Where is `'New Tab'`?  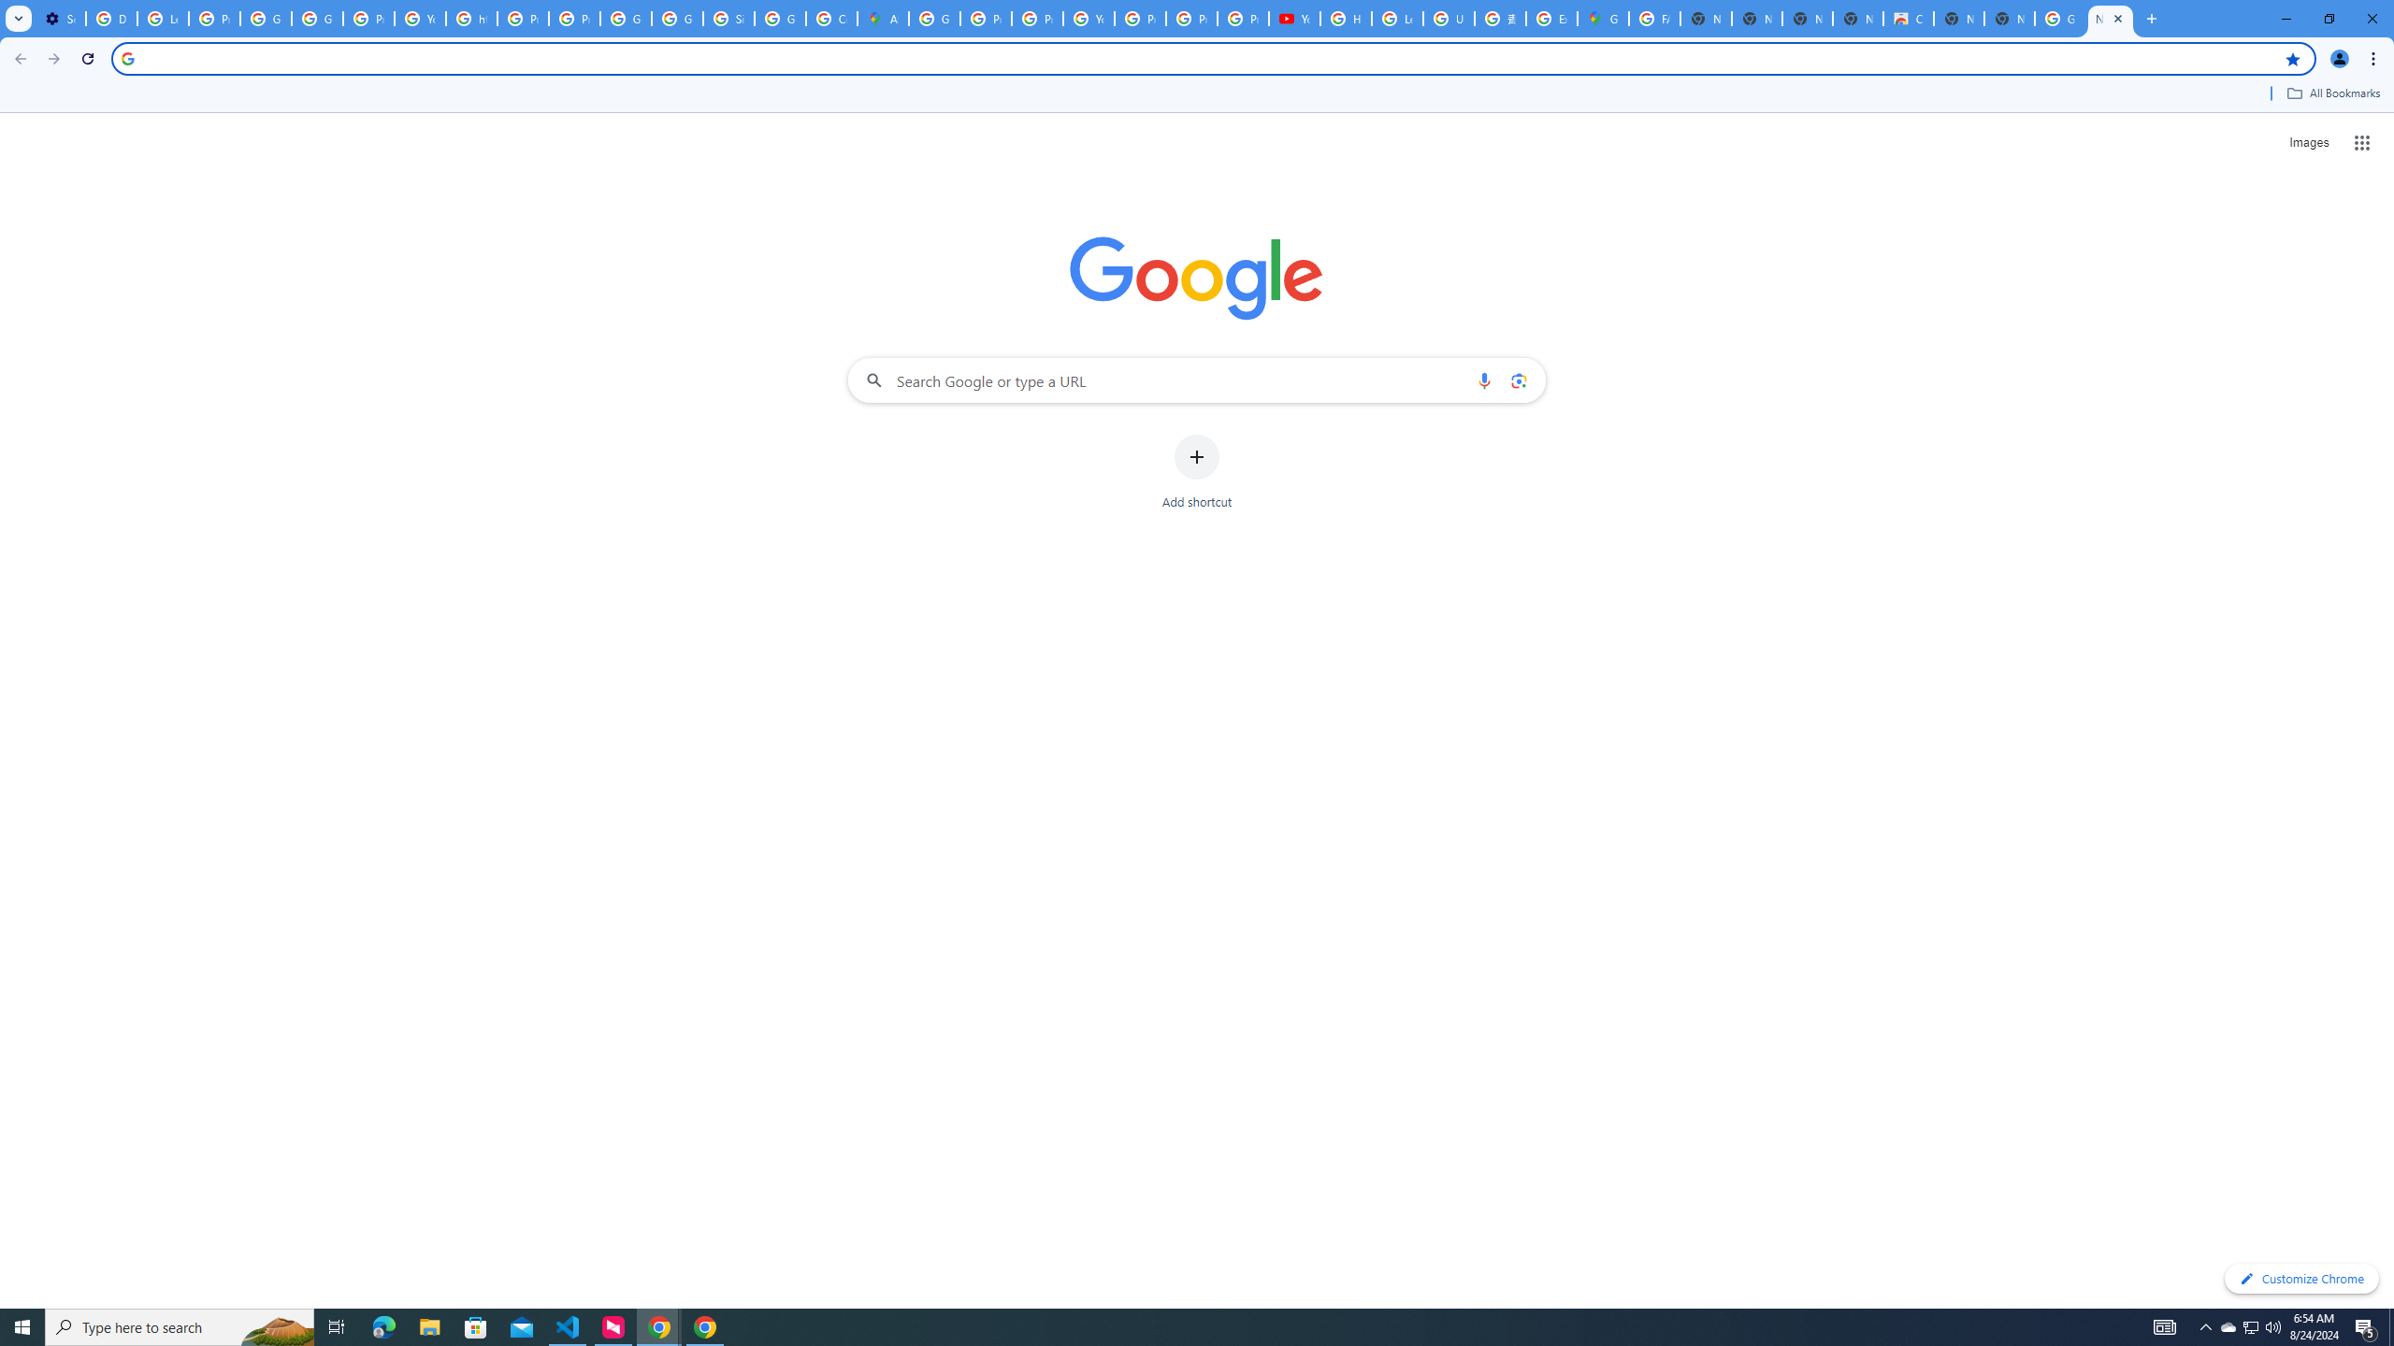 'New Tab' is located at coordinates (2009, 18).